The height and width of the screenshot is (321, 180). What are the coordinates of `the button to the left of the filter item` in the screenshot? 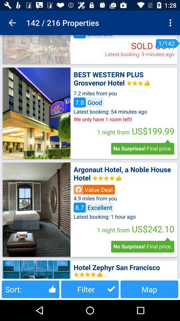 It's located at (30, 289).